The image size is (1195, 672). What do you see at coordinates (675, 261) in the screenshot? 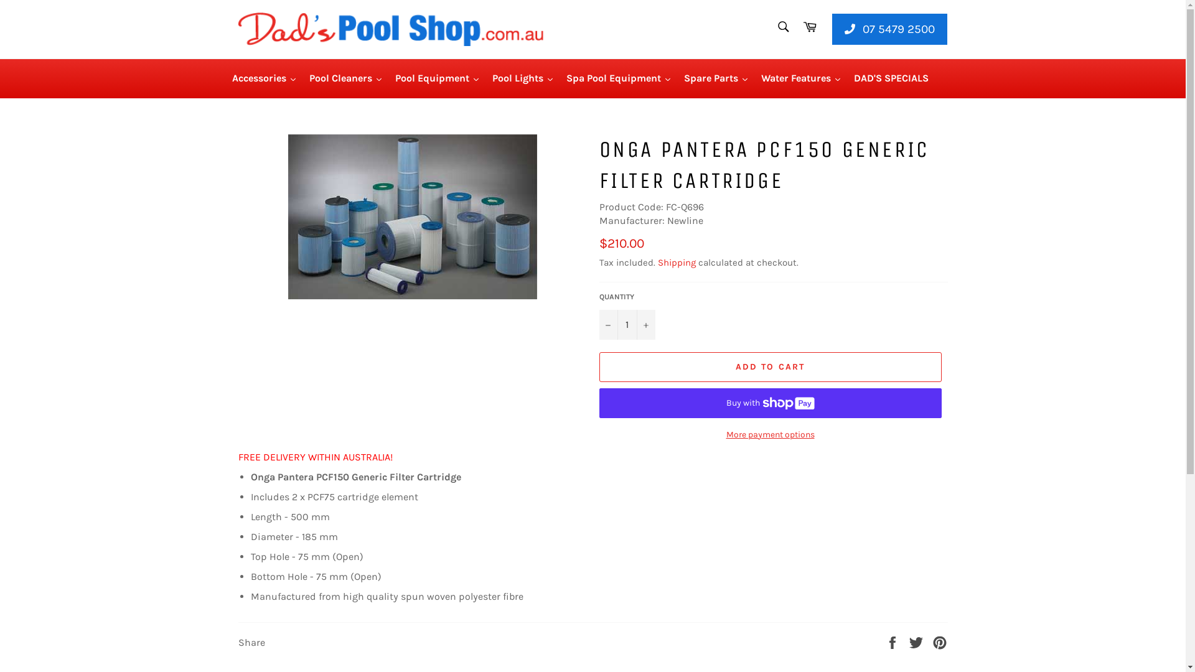
I see `'Shipping'` at bounding box center [675, 261].